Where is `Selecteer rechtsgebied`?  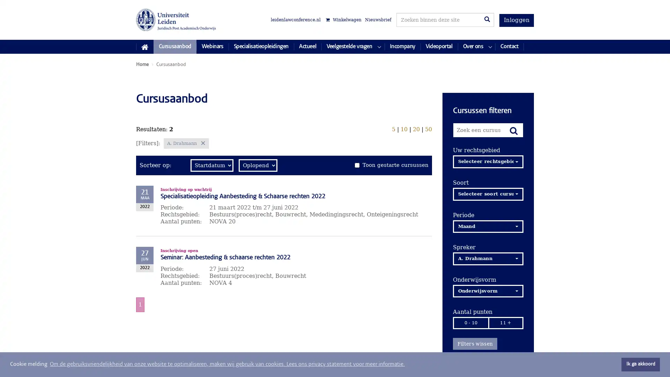
Selecteer rechtsgebied is located at coordinates (487, 161).